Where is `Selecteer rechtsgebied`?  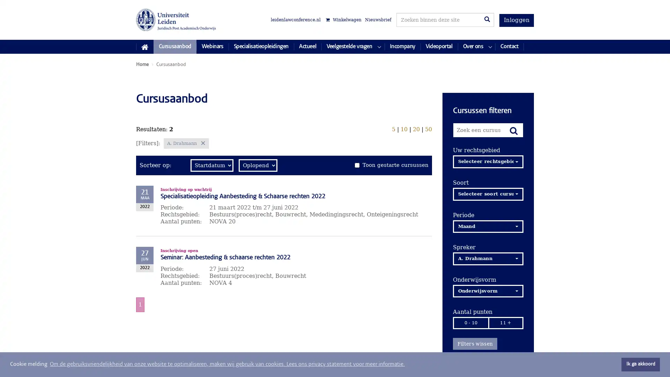
Selecteer rechtsgebied is located at coordinates (487, 161).